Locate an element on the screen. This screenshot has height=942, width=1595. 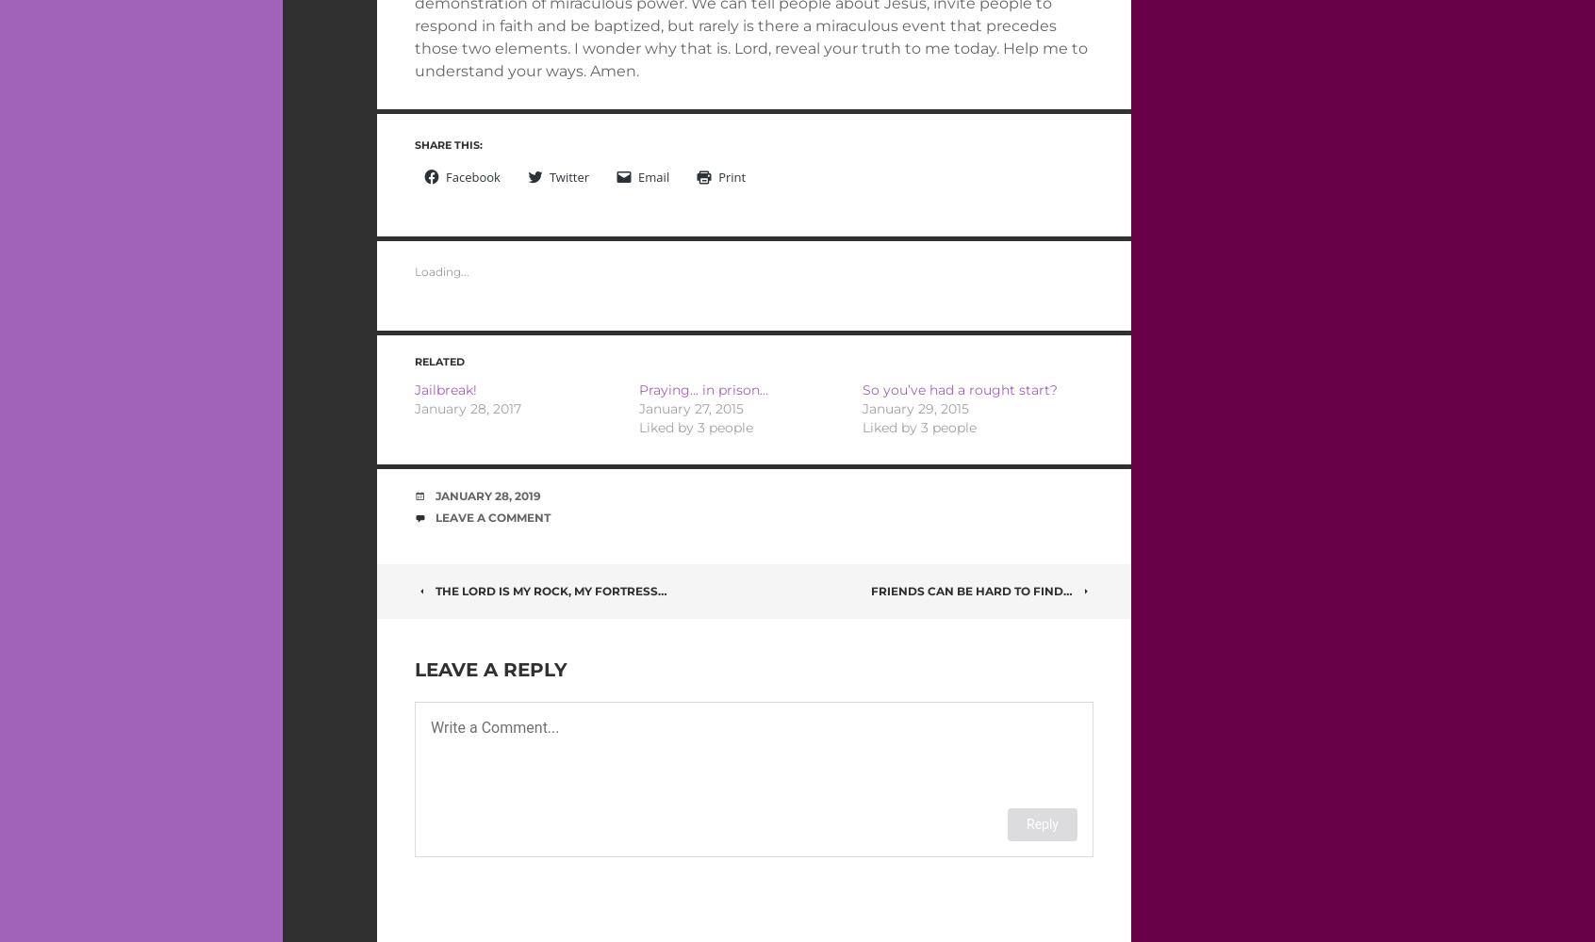
'Loading...' is located at coordinates (441, 271).